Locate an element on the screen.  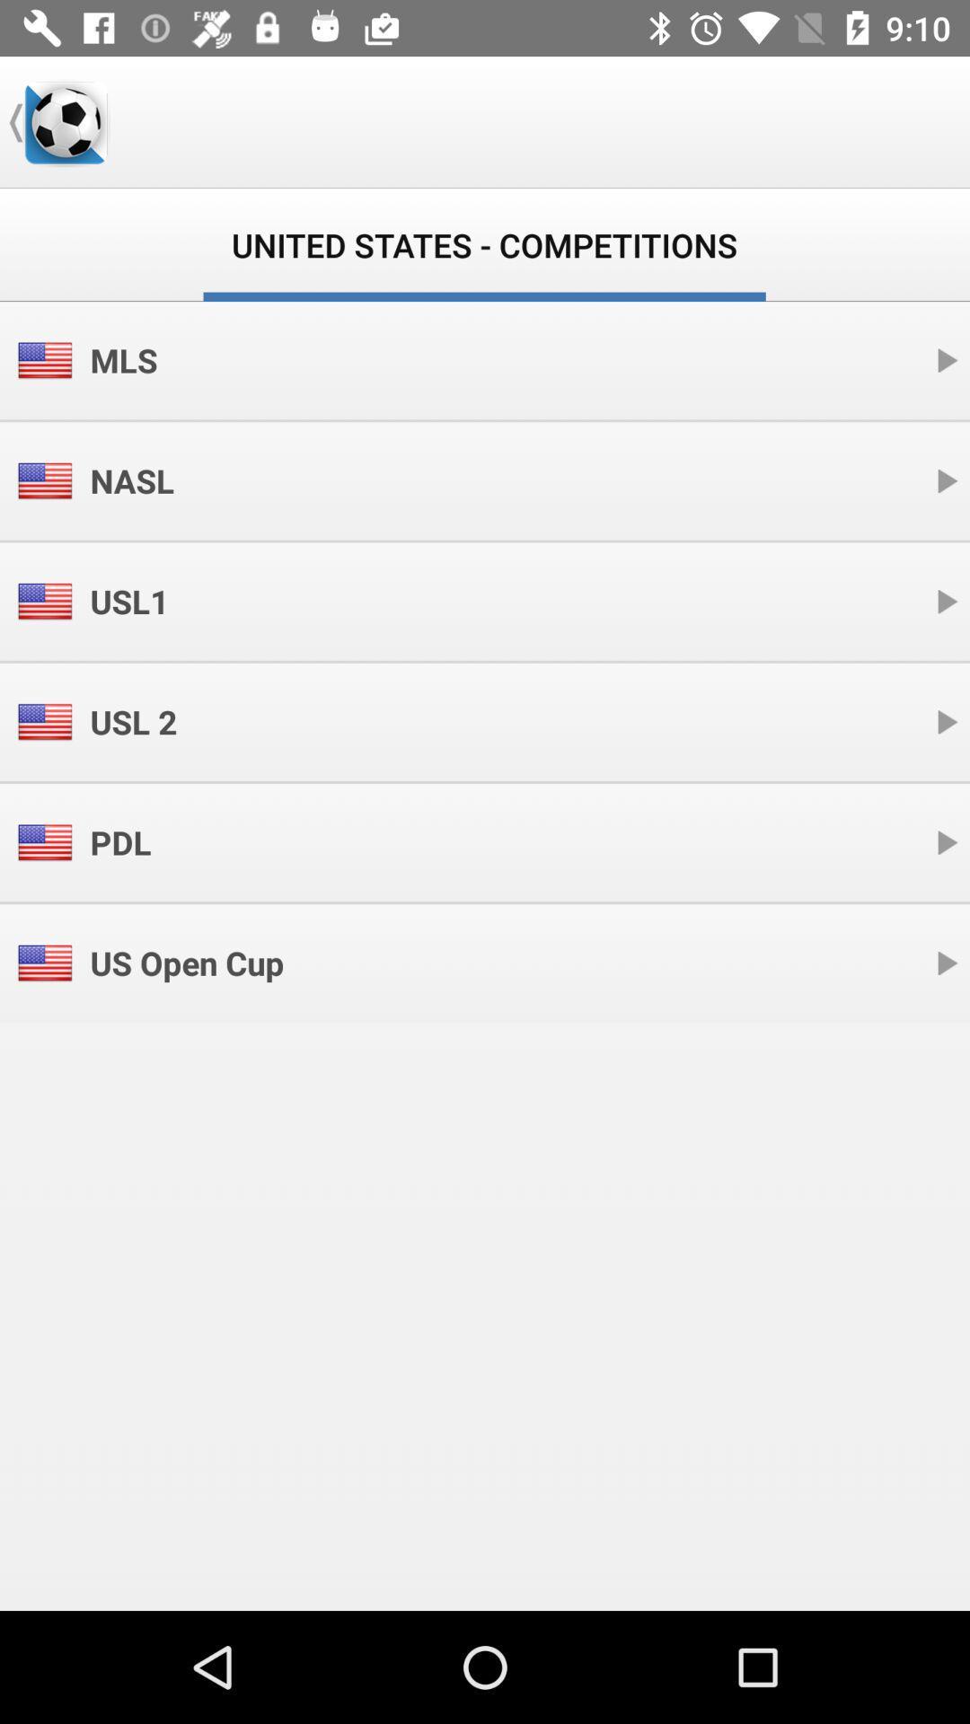
the icon above usl 2 icon is located at coordinates (128, 602).